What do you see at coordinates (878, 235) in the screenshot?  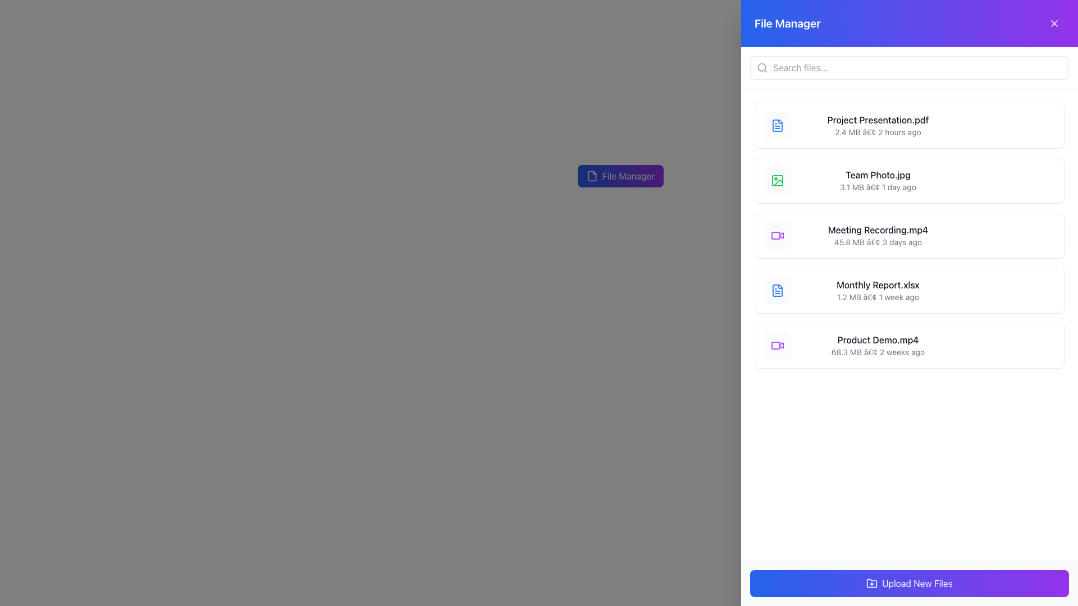 I see `the third file entry in the file manager application` at bounding box center [878, 235].